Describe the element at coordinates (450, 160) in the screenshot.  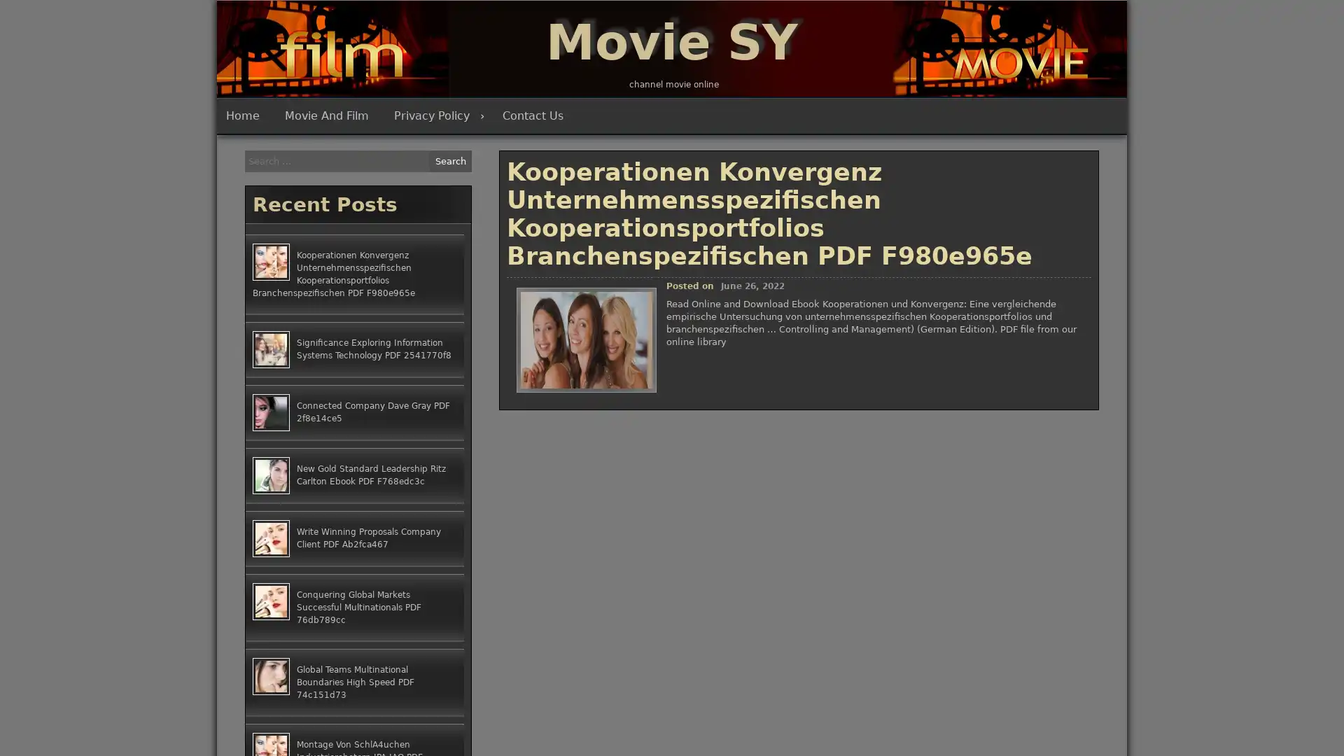
I see `Search` at that location.